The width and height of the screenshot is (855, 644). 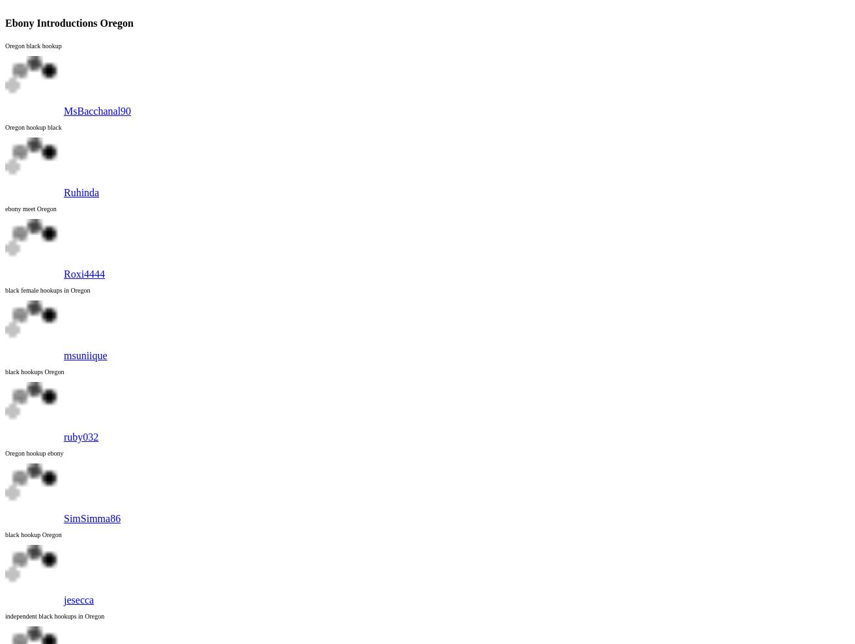 I want to click on 'Oregon hookup ebony', so click(x=34, y=453).